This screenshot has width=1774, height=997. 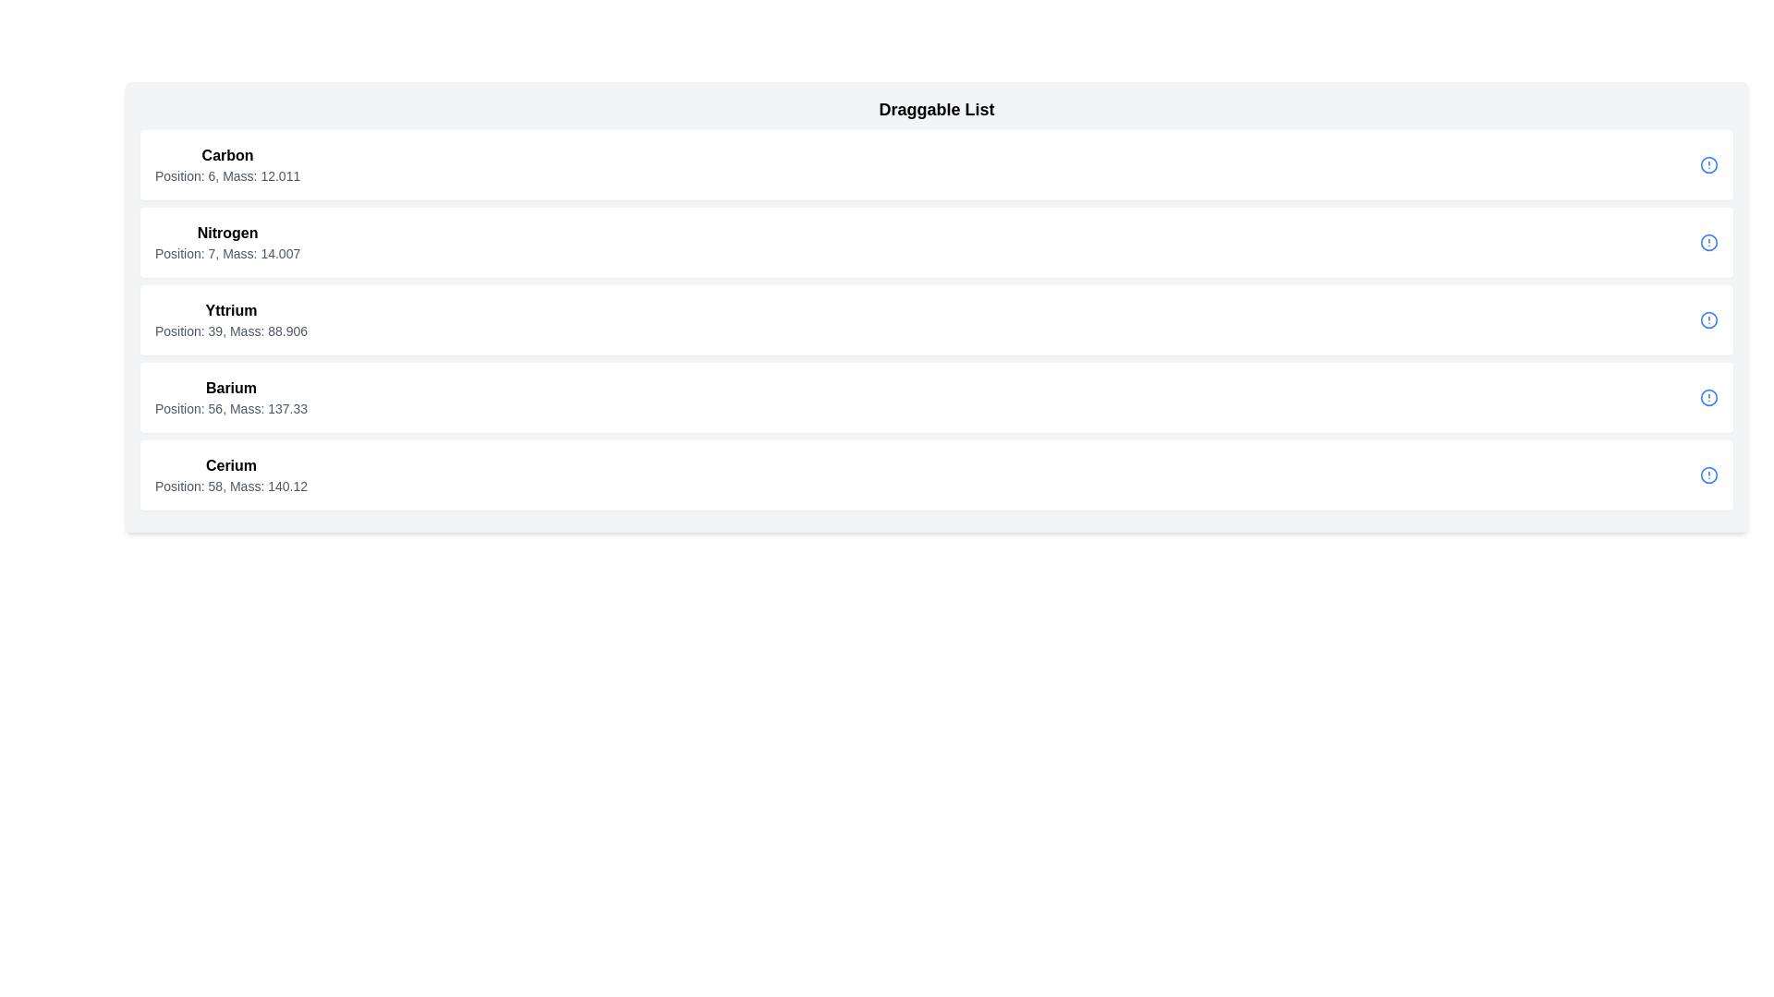 I want to click on the circular alert icon with a blue stroke, displaying an exclamation mark, positioned on the far right side of the row associated with 'Yttrium', so click(x=1707, y=319).